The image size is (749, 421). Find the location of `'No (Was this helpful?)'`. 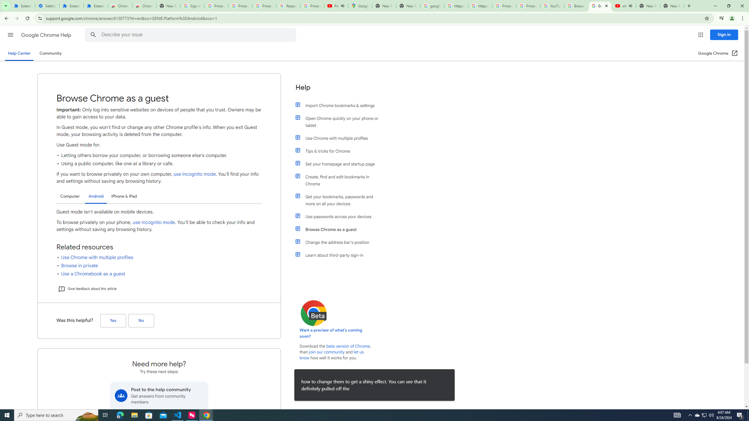

'No (Was this helpful?)' is located at coordinates (141, 320).